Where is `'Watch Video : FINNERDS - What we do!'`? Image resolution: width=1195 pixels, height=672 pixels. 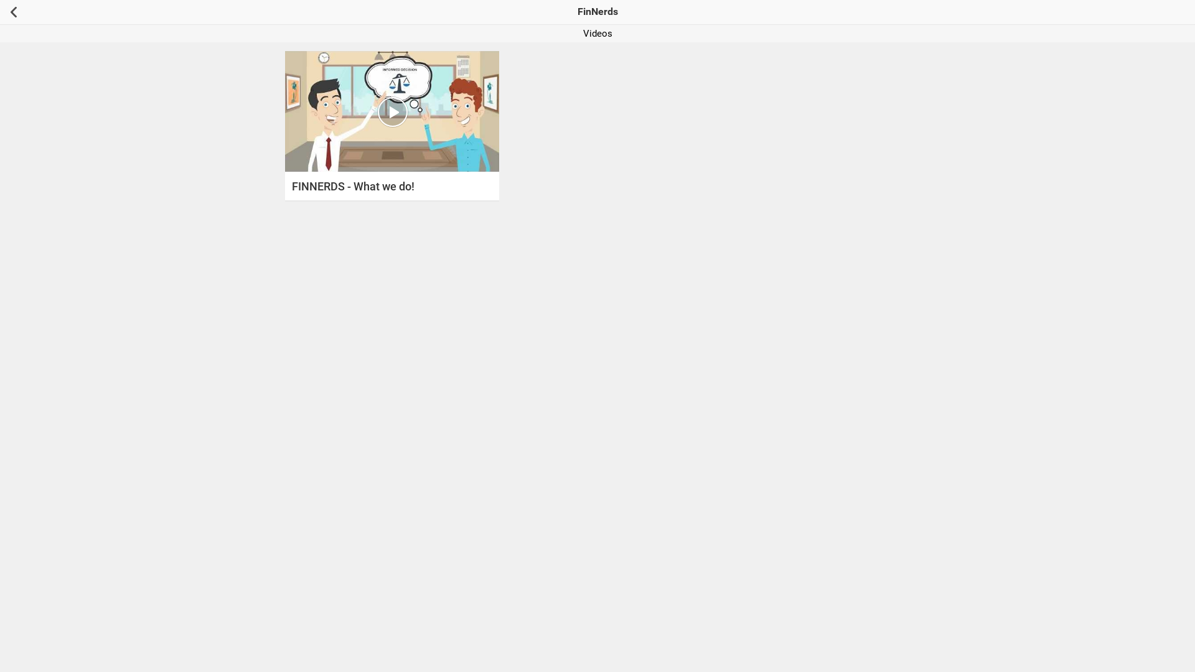 'Watch Video : FINNERDS - What we do!' is located at coordinates (391, 110).